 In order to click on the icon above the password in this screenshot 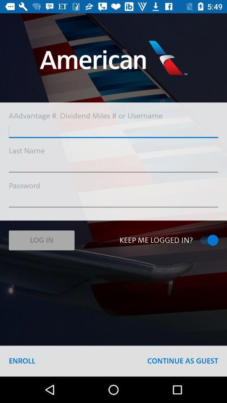, I will do `click(113, 165)`.